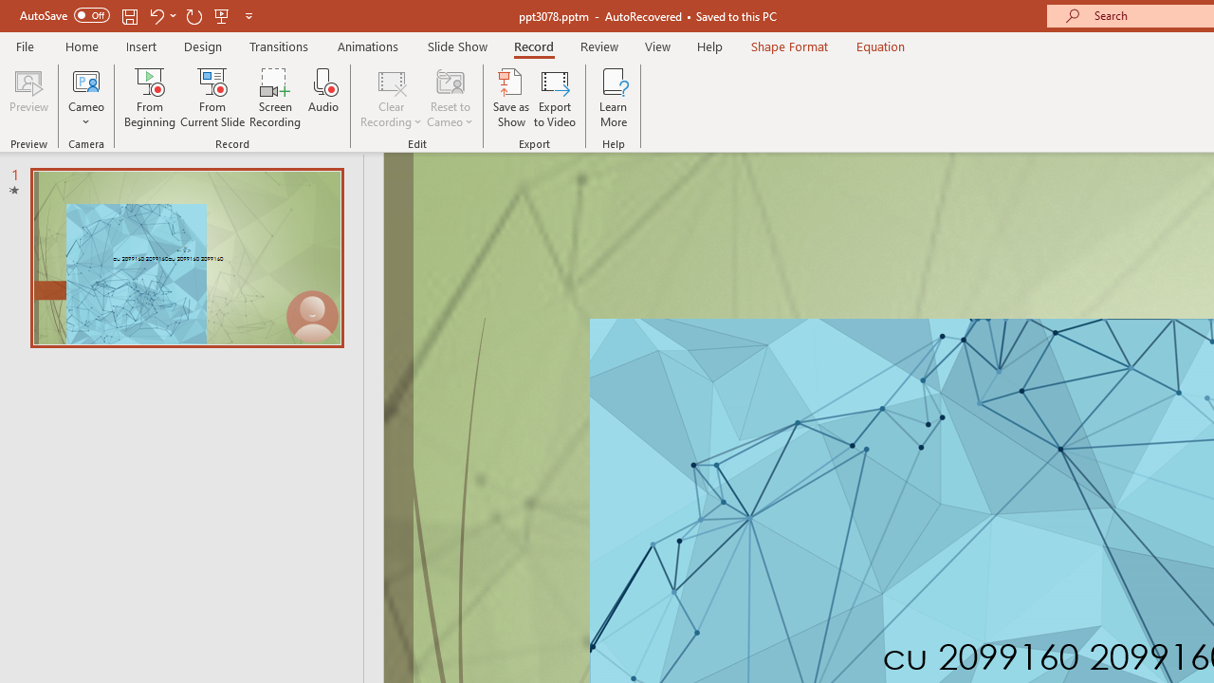 Image resolution: width=1214 pixels, height=683 pixels. Describe the element at coordinates (212, 98) in the screenshot. I see `'From Current Slide...'` at that location.